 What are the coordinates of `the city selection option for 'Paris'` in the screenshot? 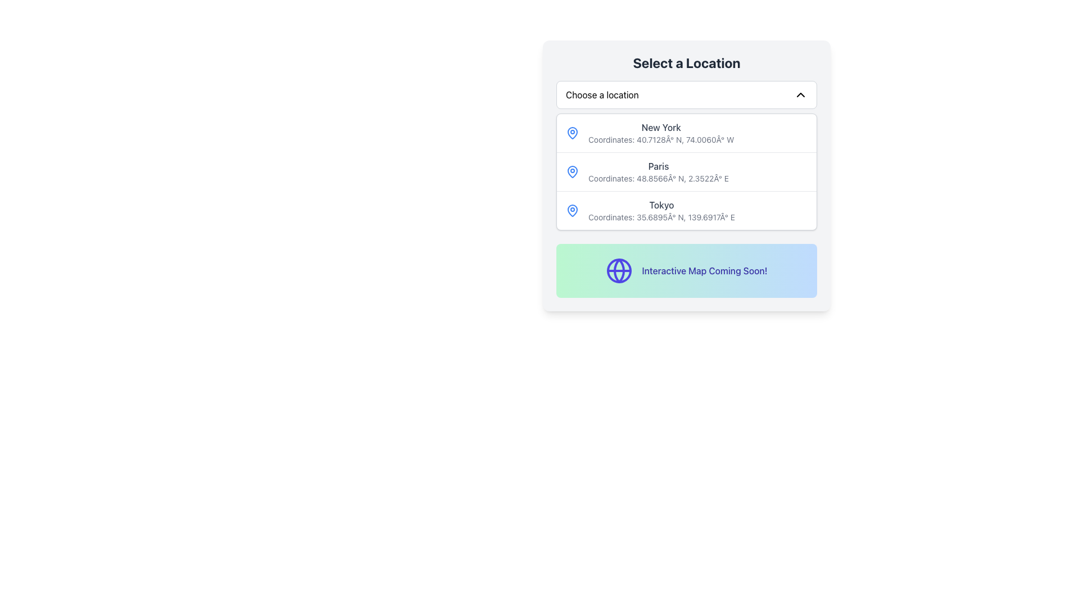 It's located at (686, 171).